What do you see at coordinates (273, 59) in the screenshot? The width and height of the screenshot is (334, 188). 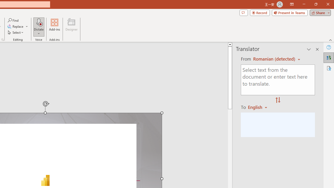 I see `'Romanian (detected)'` at bounding box center [273, 59].